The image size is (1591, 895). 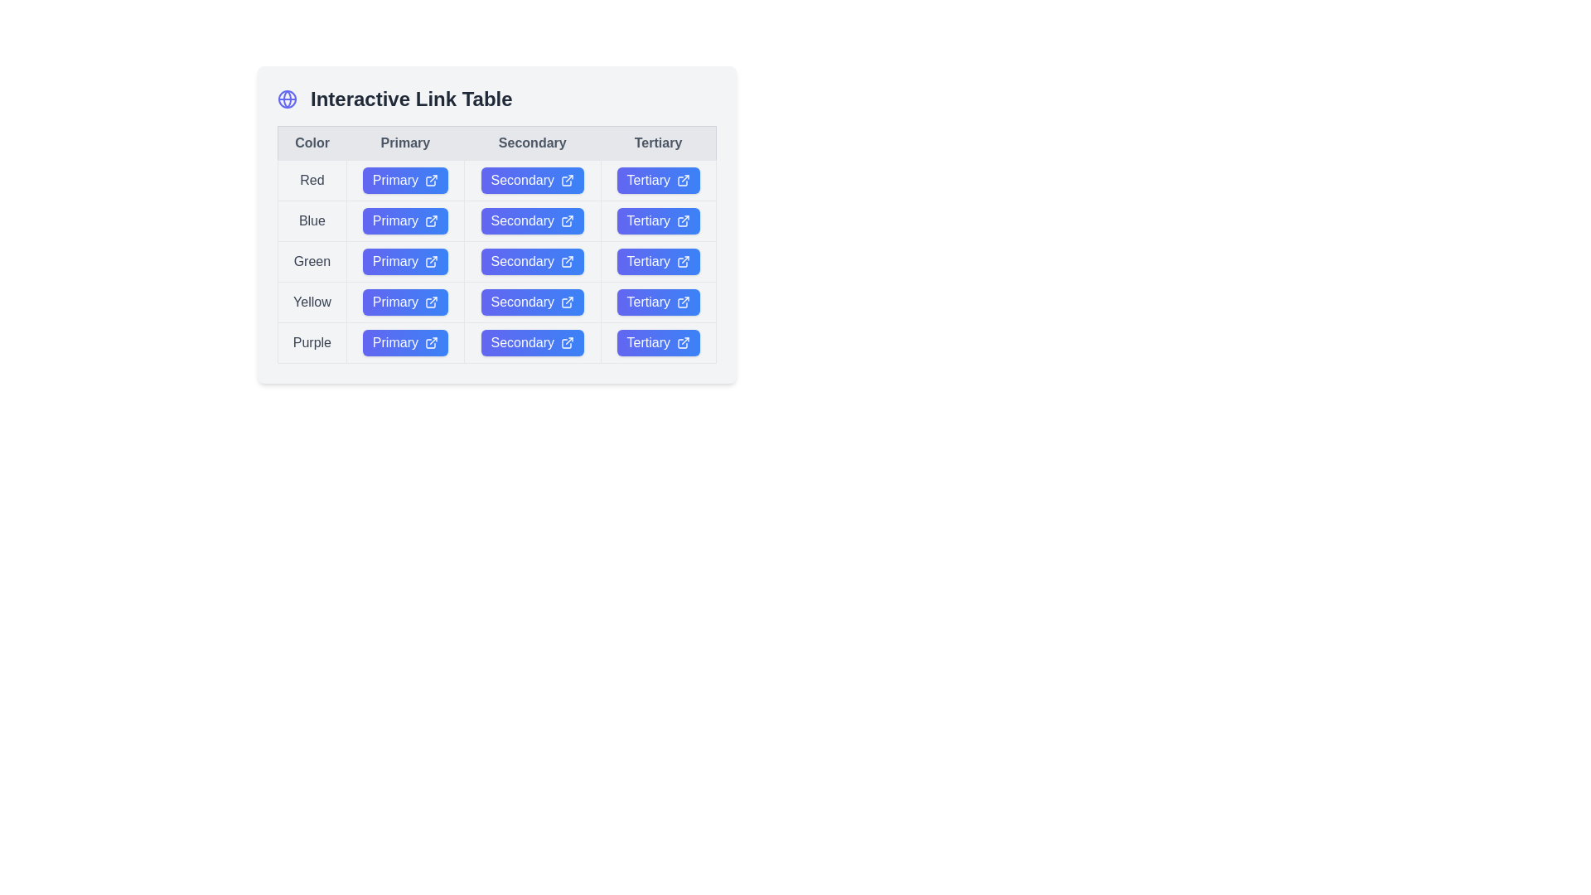 What do you see at coordinates (431, 220) in the screenshot?
I see `the external link icon located to the right of the text labeled 'Primary' in the second row of the table, which is styled with rounded edges and matches the button's color scheme` at bounding box center [431, 220].